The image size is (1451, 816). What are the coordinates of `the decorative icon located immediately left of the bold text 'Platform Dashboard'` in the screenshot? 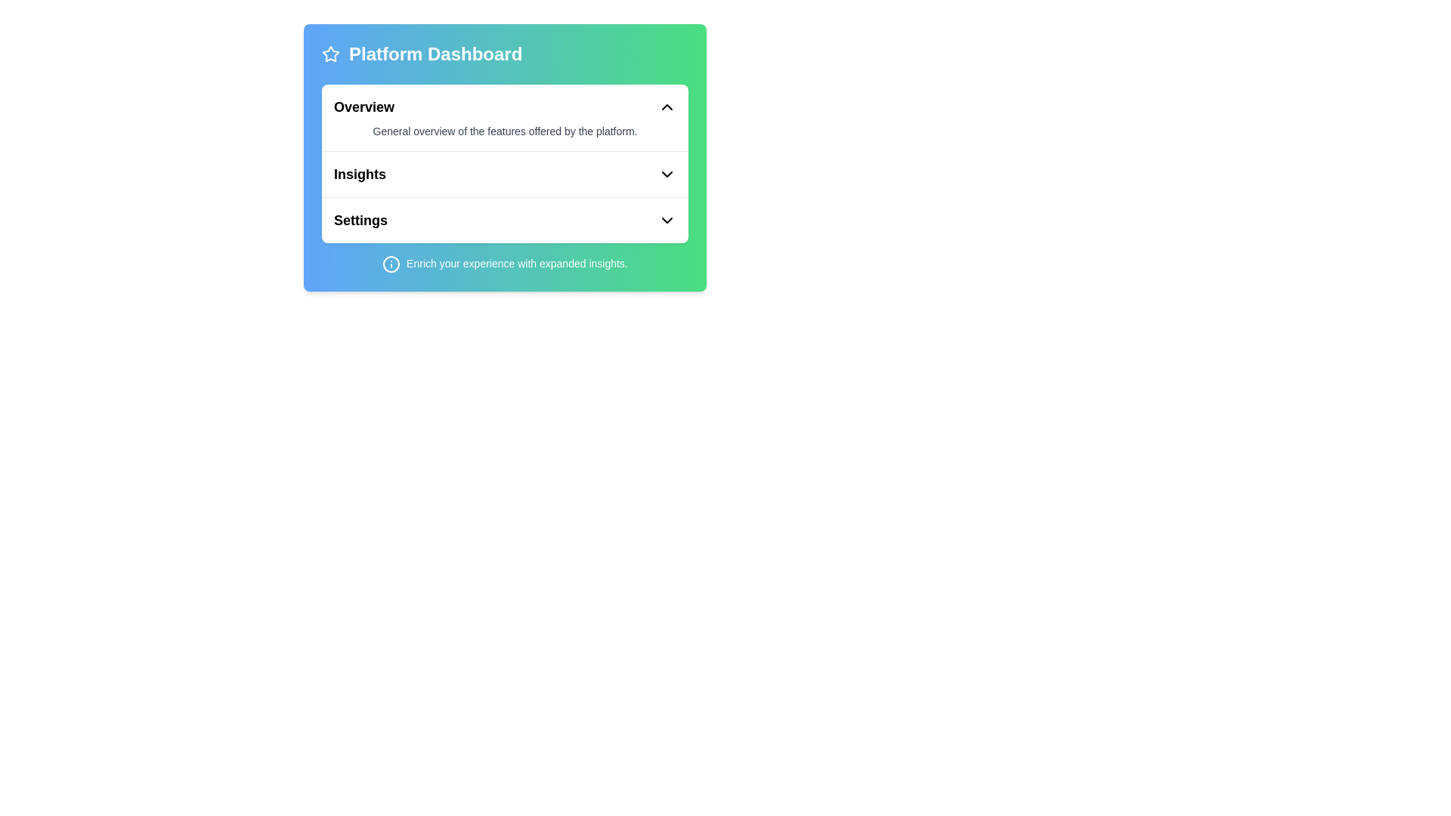 It's located at (329, 54).